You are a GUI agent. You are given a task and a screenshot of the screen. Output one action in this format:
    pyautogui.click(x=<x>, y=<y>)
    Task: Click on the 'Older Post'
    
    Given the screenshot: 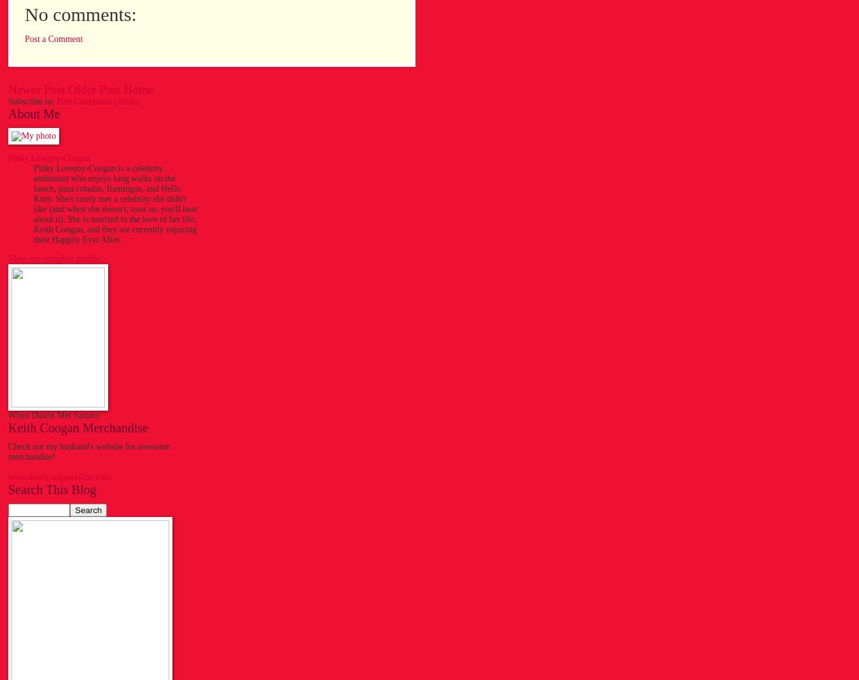 What is the action you would take?
    pyautogui.click(x=67, y=89)
    